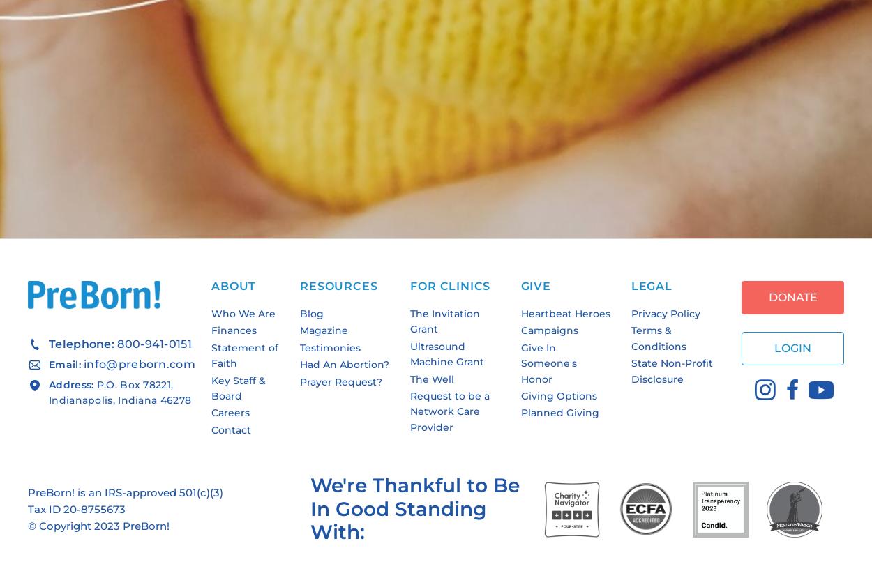  I want to click on 'In Good Standing With:', so click(398, 519).